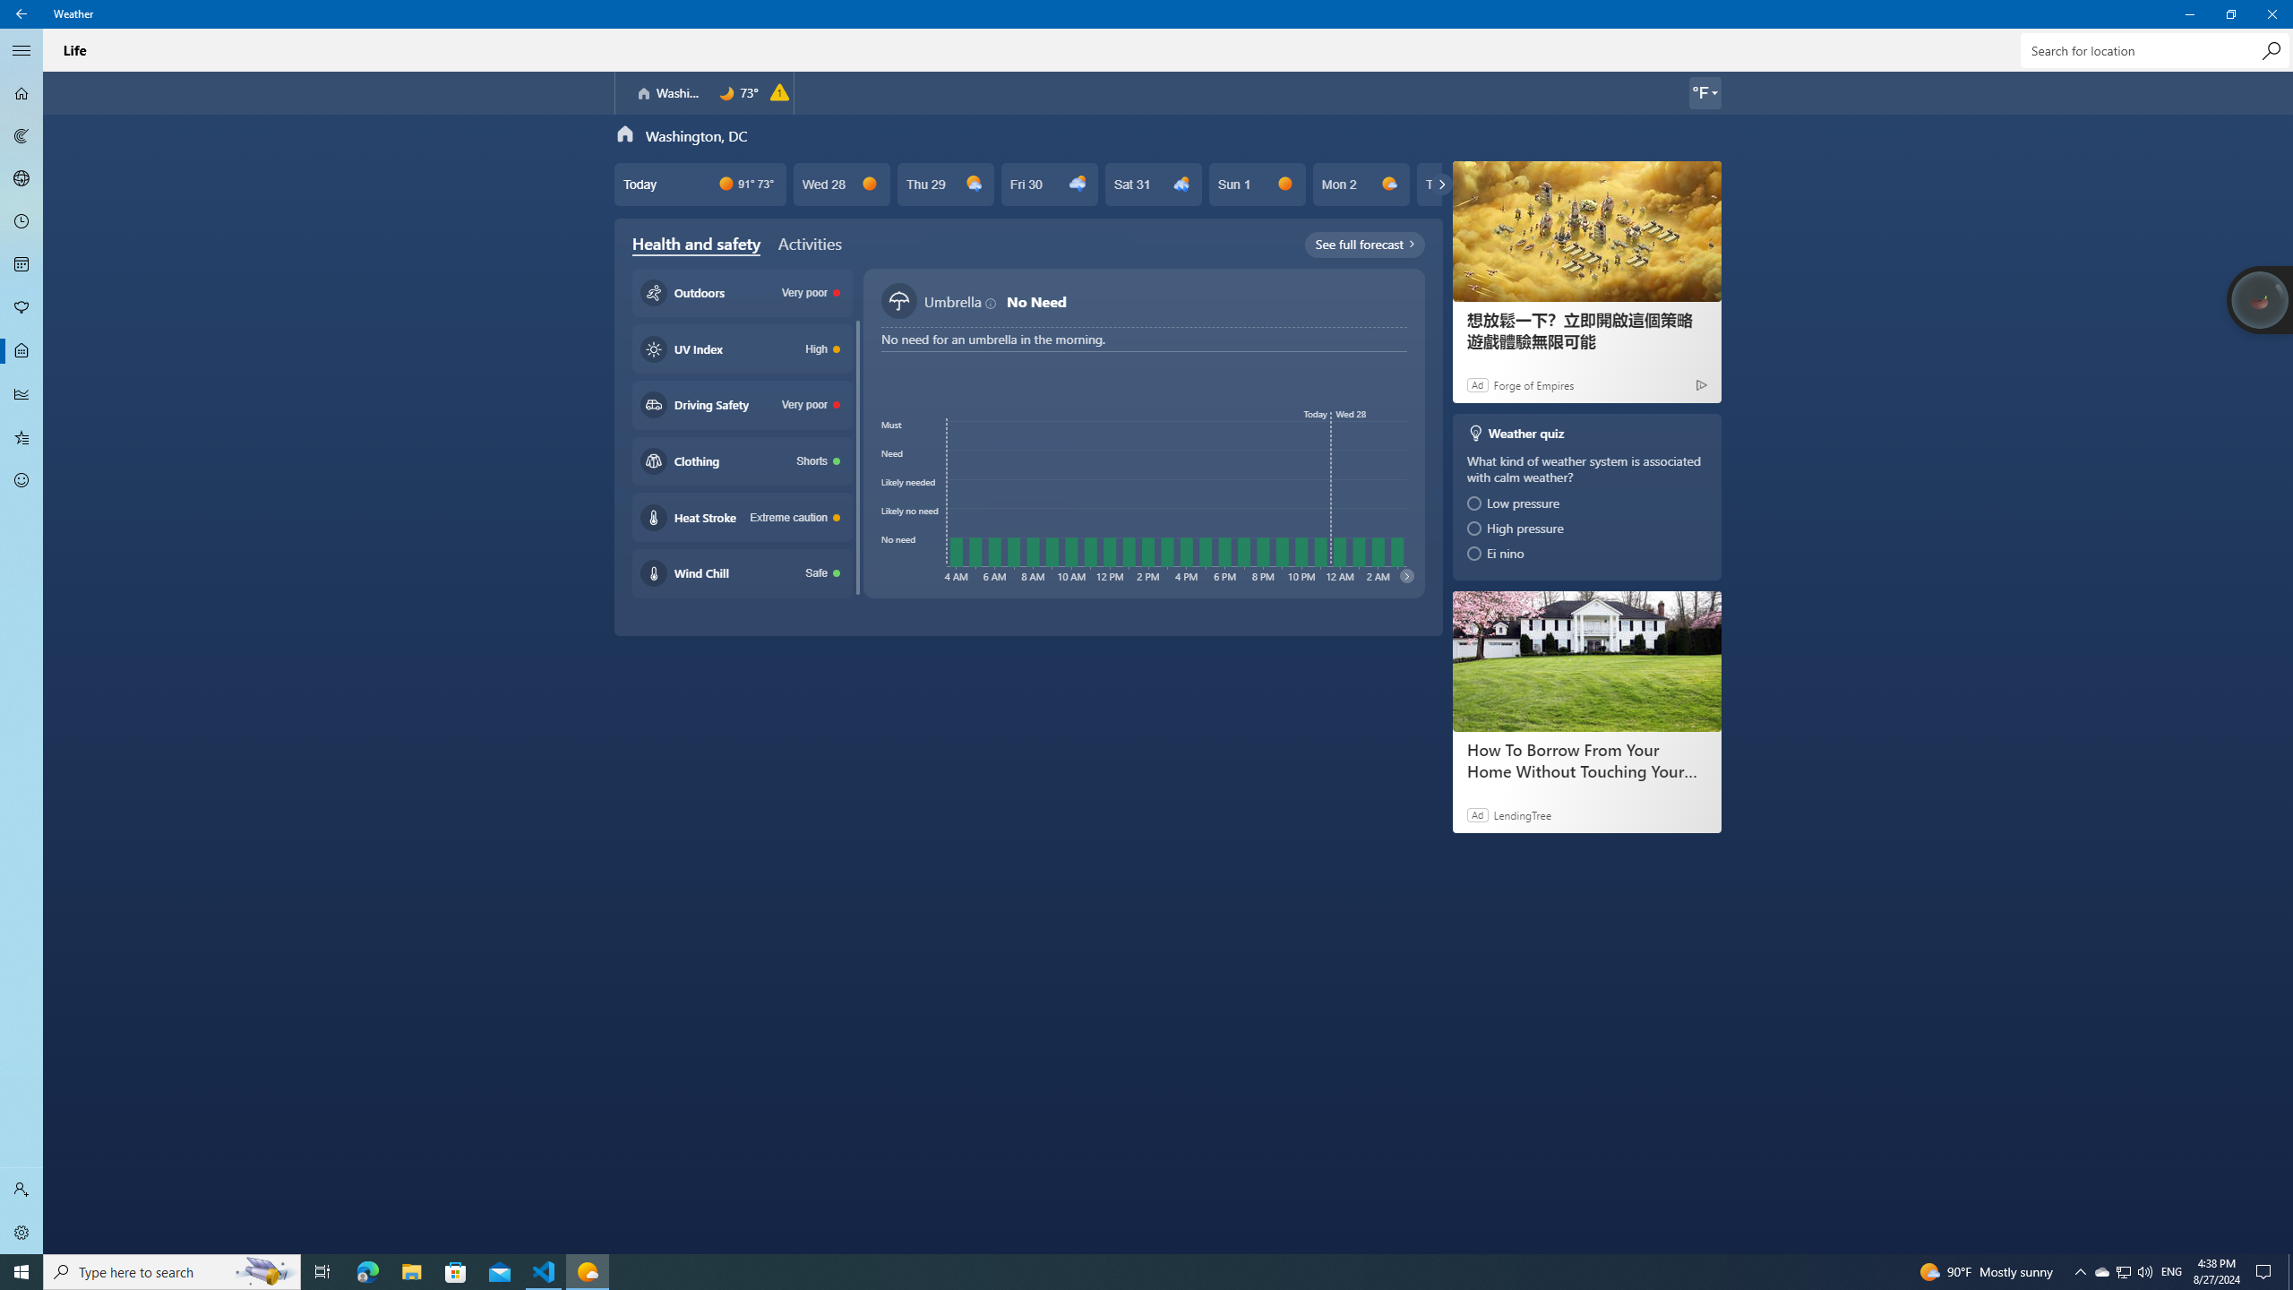 This screenshot has height=1290, width=2293. Describe the element at coordinates (21, 308) in the screenshot. I see `'Pollen - Not Selected'` at that location.